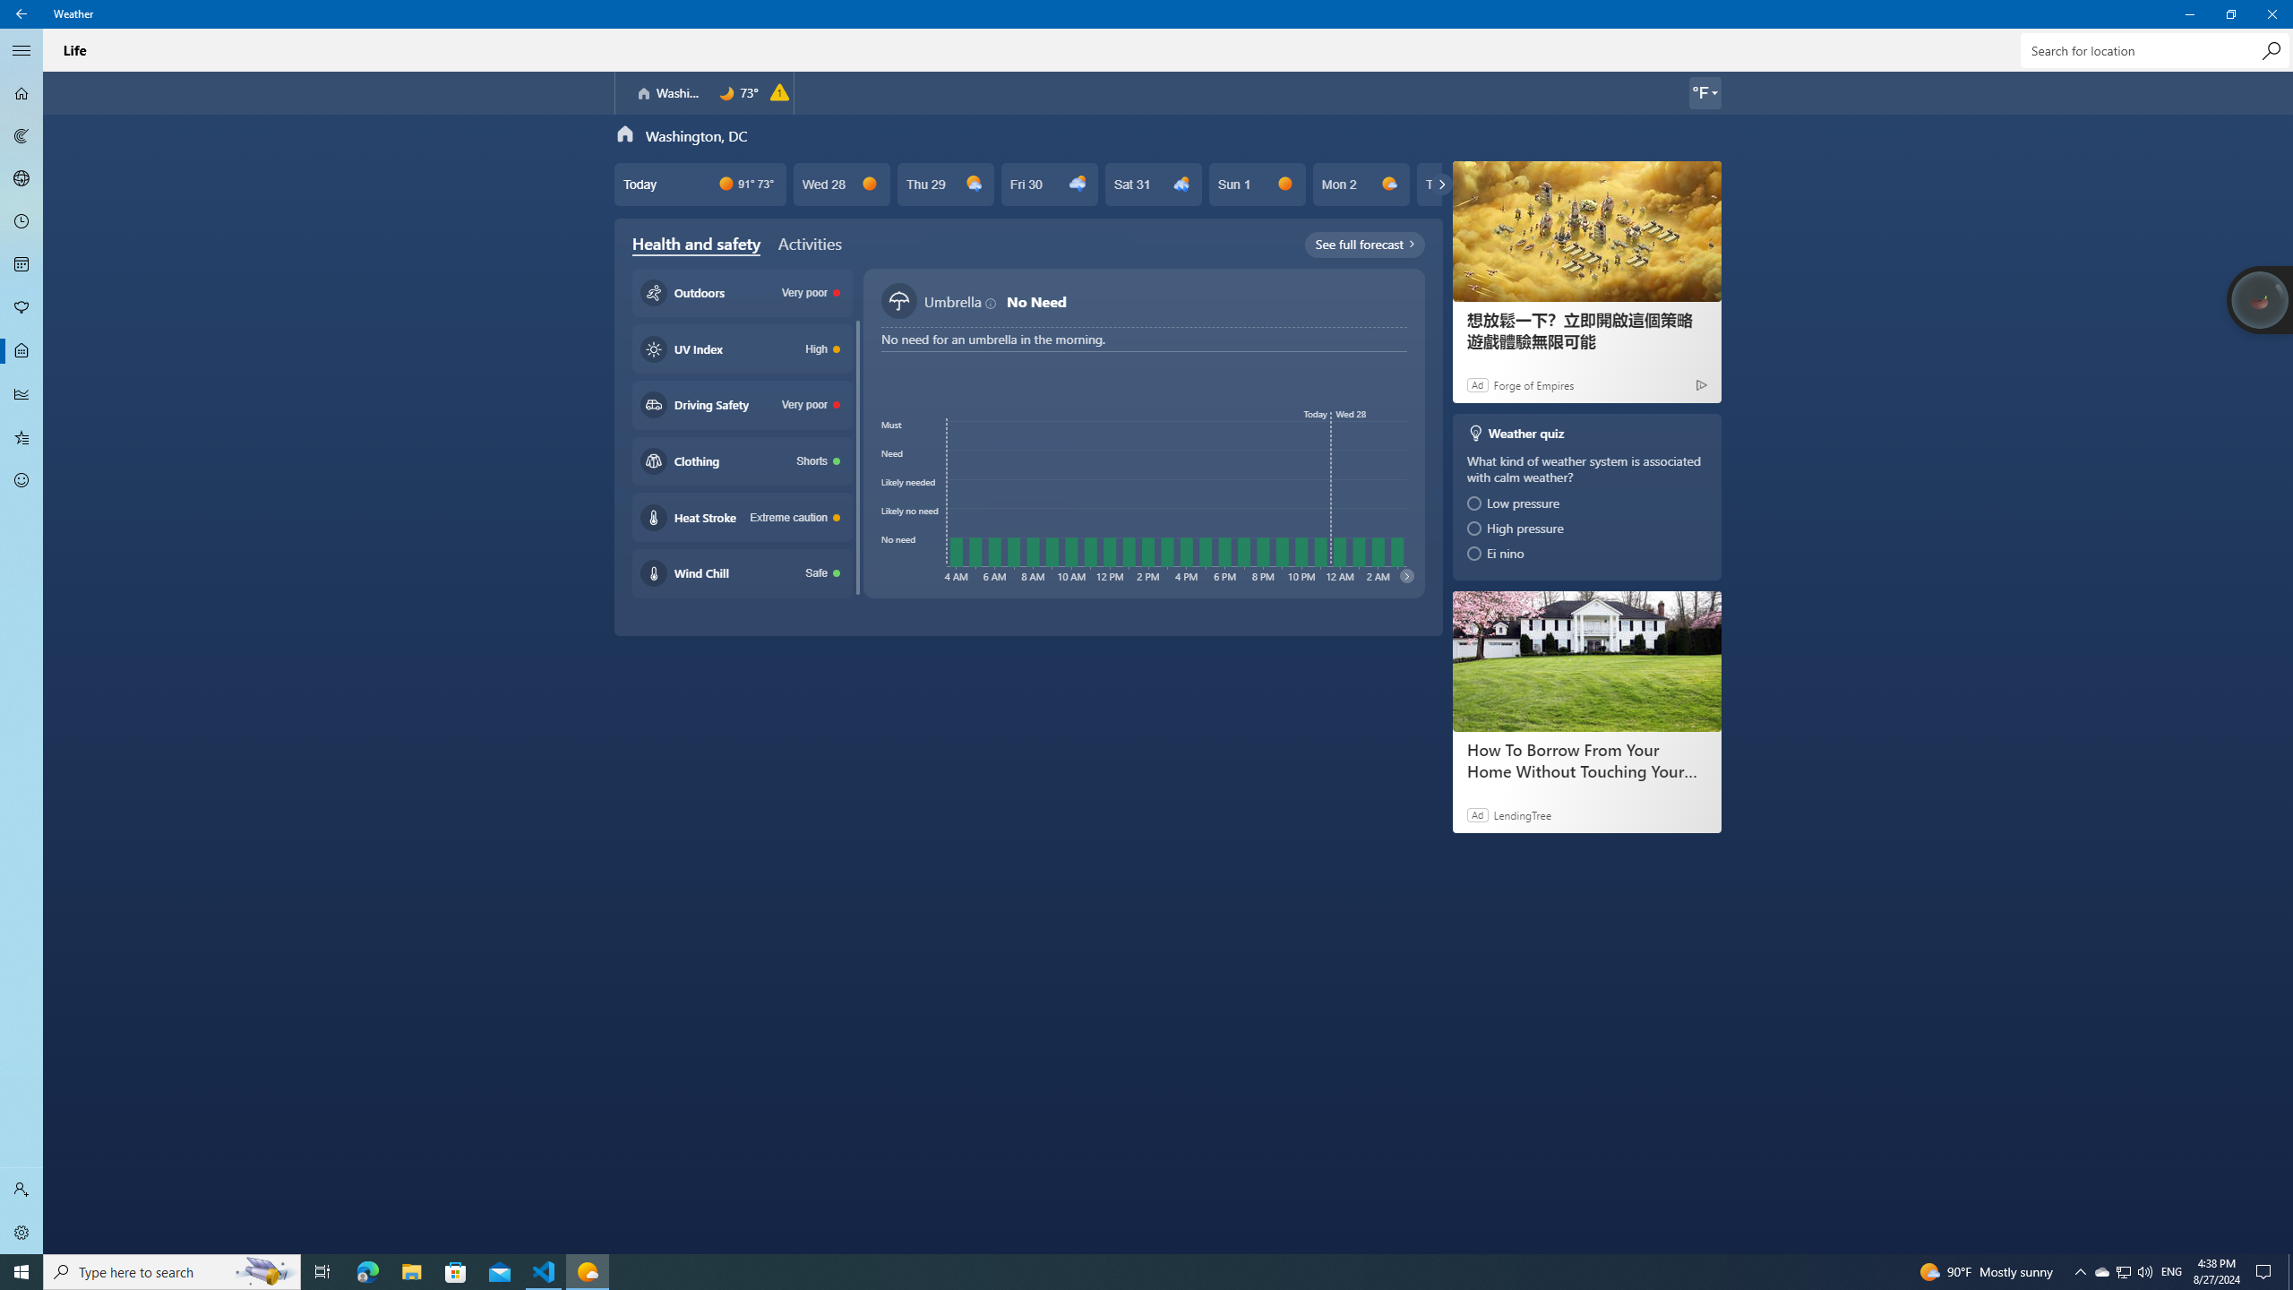 This screenshot has height=1290, width=2293. Describe the element at coordinates (21, 308) in the screenshot. I see `'Pollen - Not Selected'` at that location.